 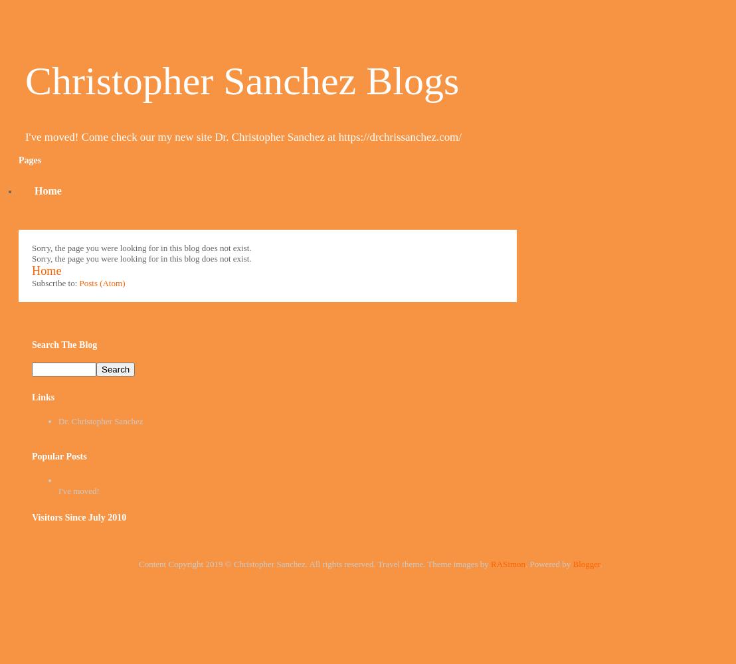 What do you see at coordinates (78, 489) in the screenshot?
I see `'I've moved!'` at bounding box center [78, 489].